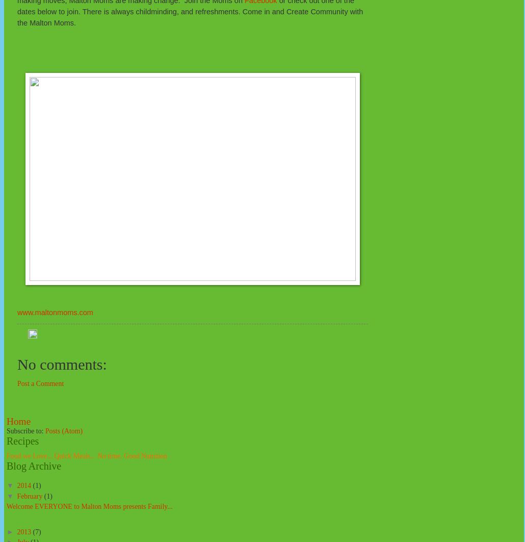  What do you see at coordinates (36, 531) in the screenshot?
I see `'(7)'` at bounding box center [36, 531].